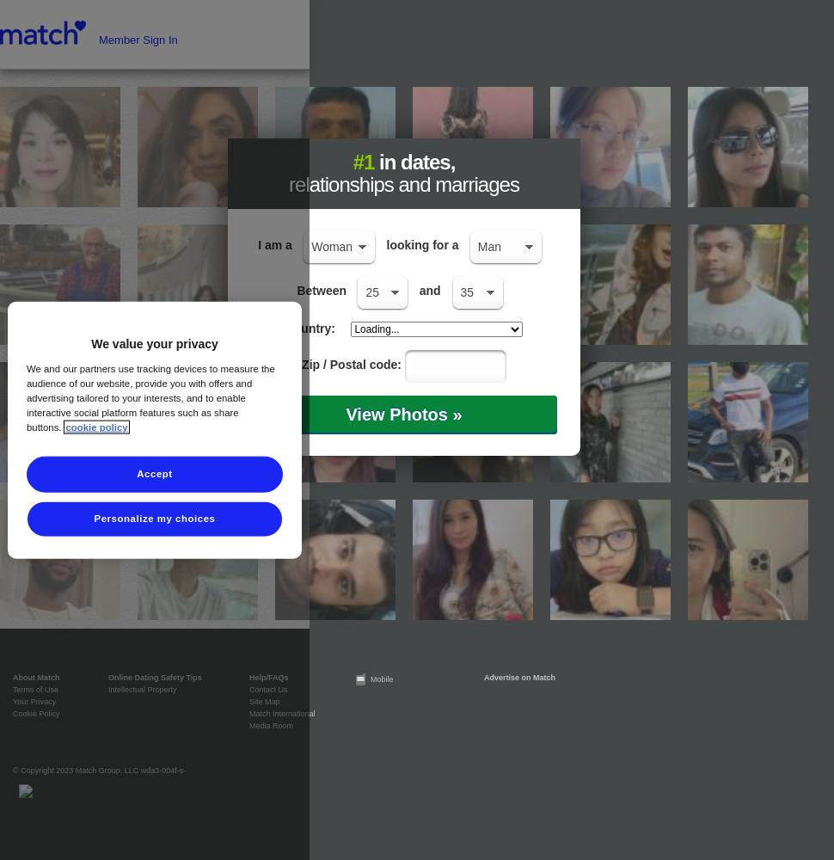 This screenshot has height=860, width=834. I want to click on 'Zip / Postal code:', so click(353, 365).